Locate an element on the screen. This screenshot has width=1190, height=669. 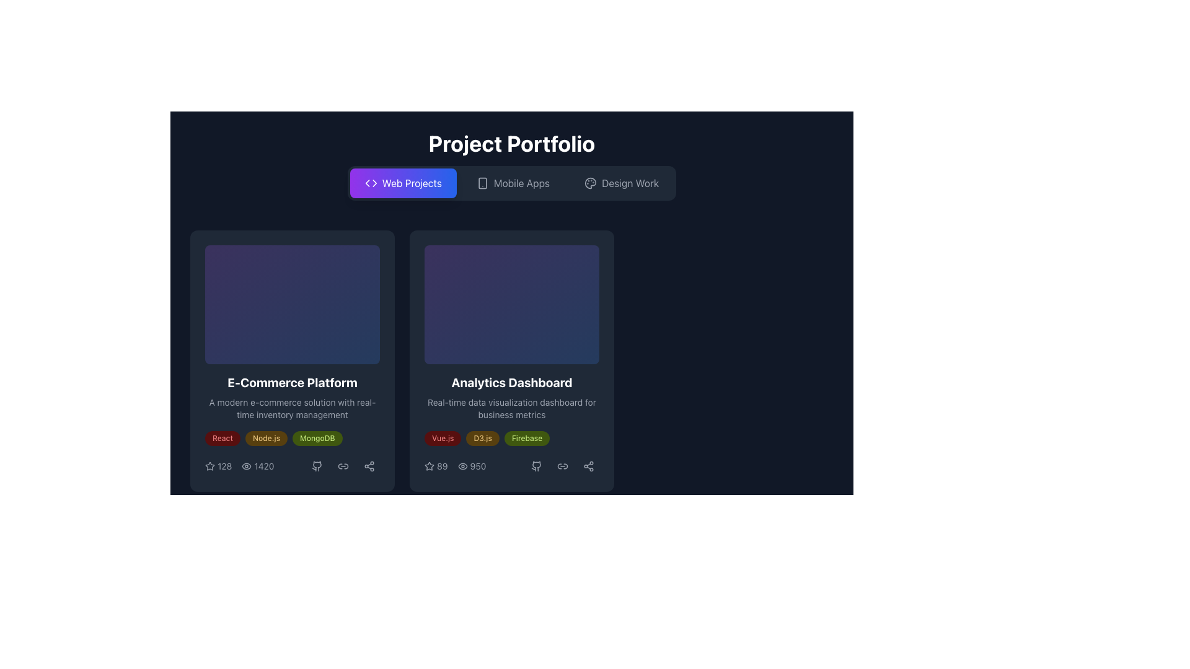
displayed number from the text element located in the lower section of the 'Analytics Dashboard' card, positioned to the right of the eye icon is located at coordinates (477, 466).